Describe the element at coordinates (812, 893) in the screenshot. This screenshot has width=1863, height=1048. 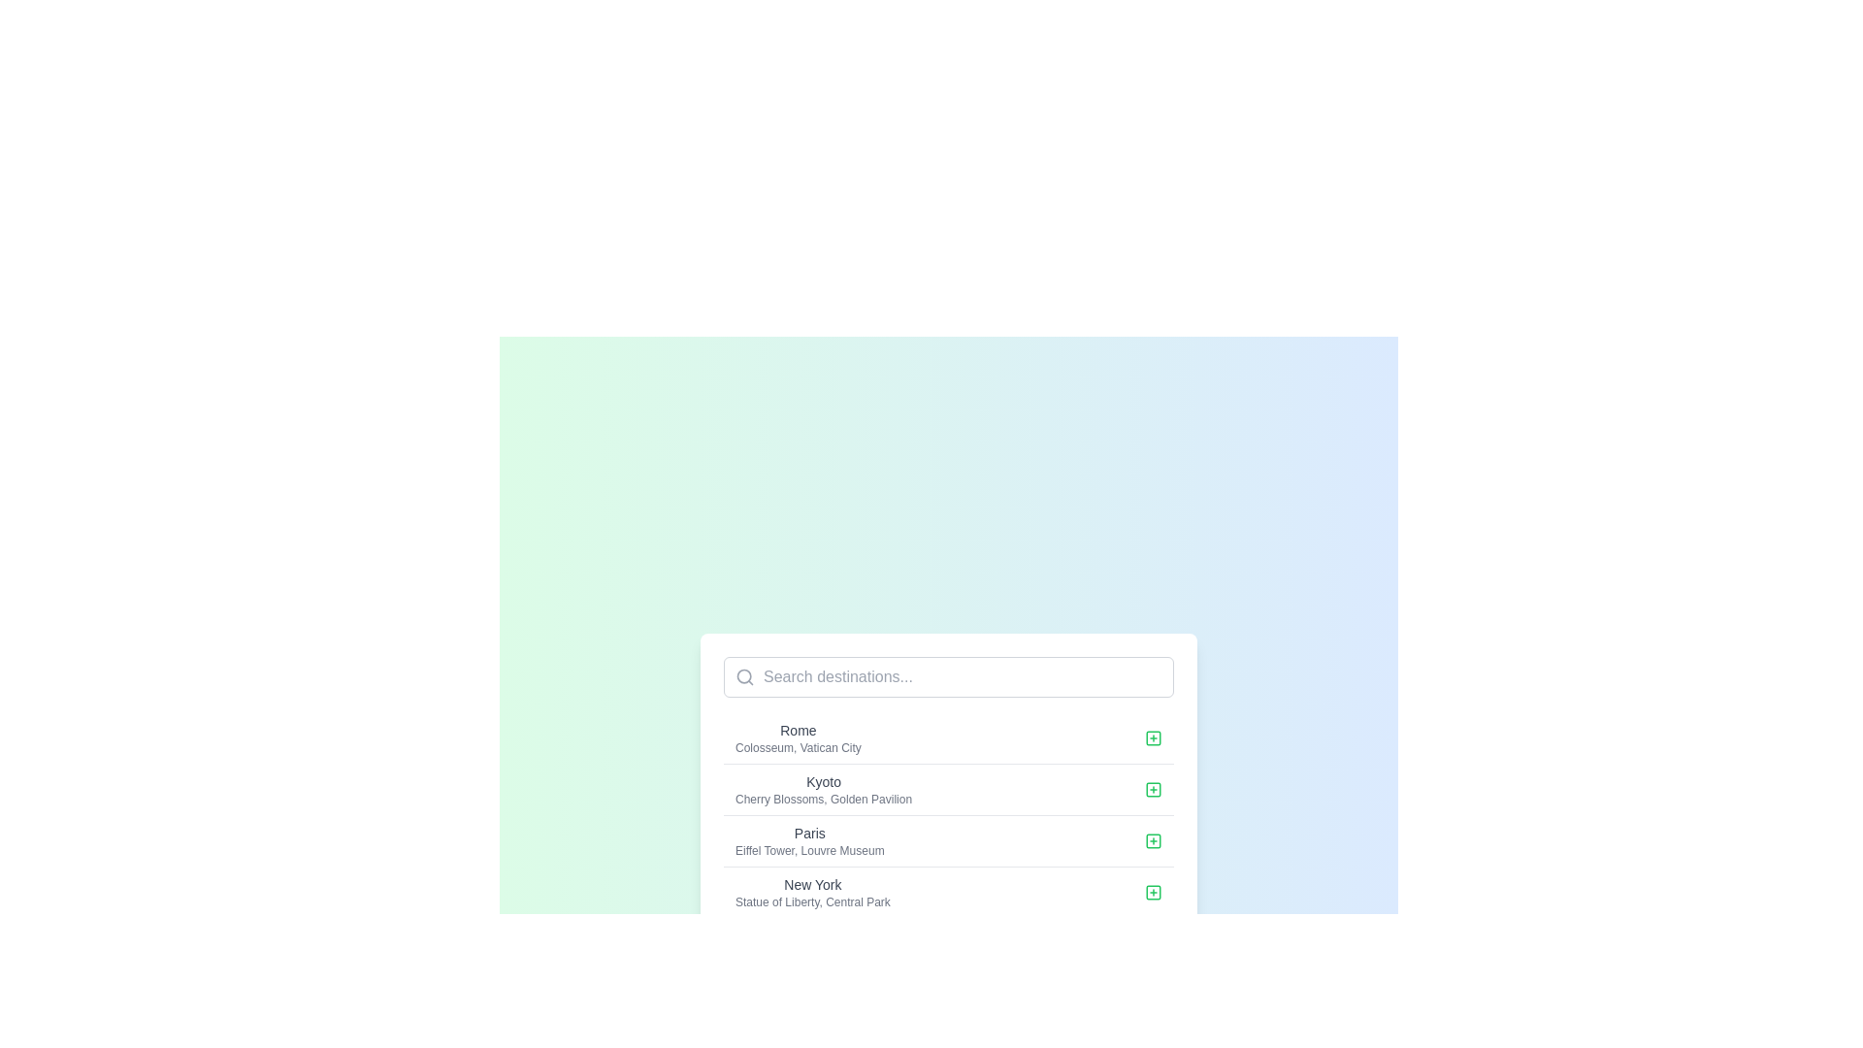
I see `the Text display item that shows location information for 'New York', positioned fourth in a vertically aligned list of cities` at that location.